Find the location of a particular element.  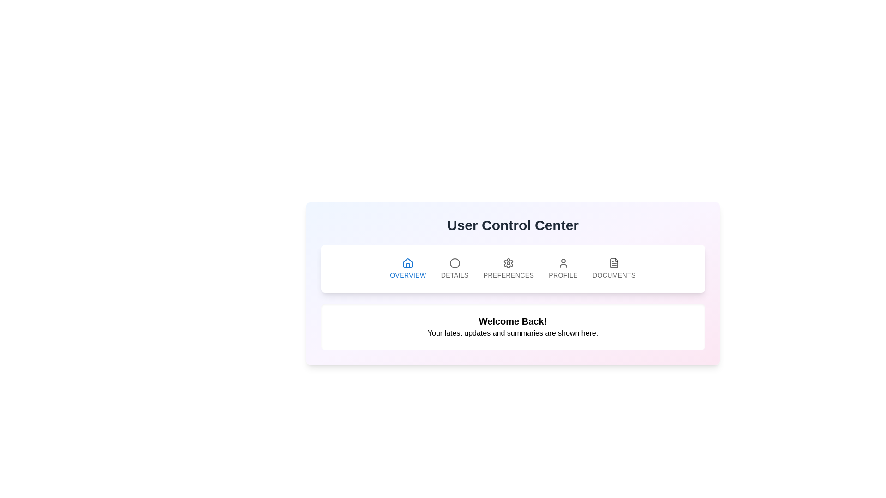

the 'Preferences' tab in the navigation bar to indicate interactivity is located at coordinates (512, 268).